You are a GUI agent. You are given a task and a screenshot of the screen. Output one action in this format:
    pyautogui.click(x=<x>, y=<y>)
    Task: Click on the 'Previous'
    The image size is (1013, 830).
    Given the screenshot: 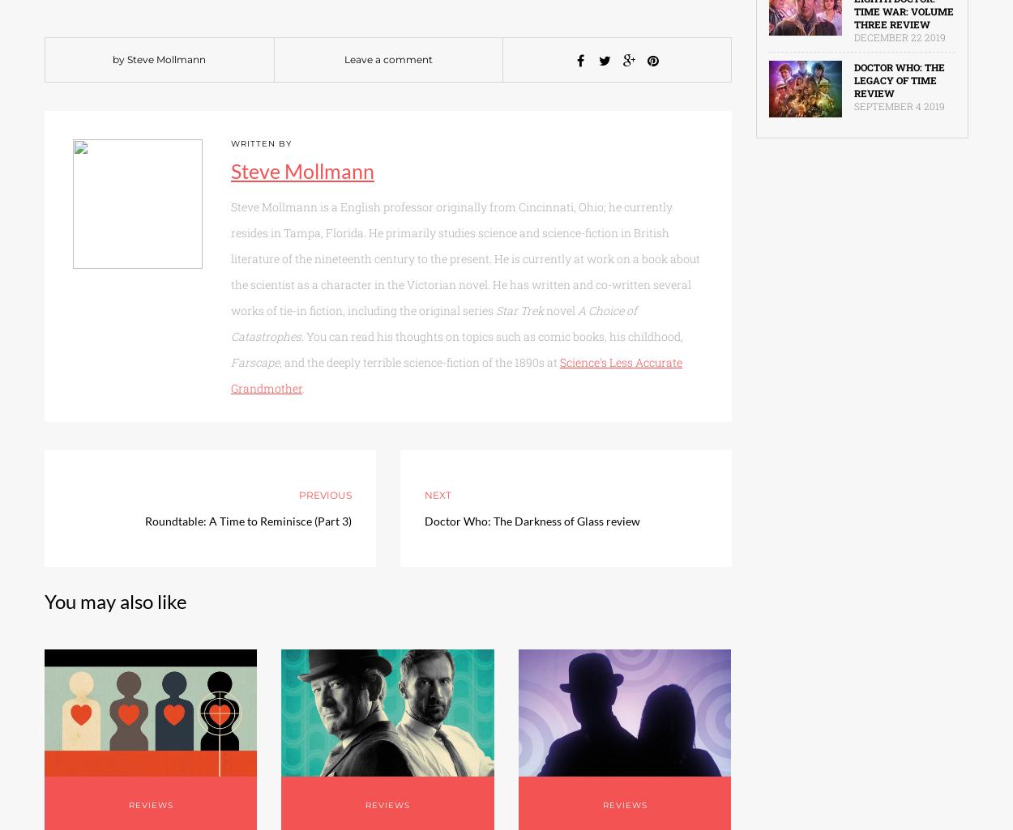 What is the action you would take?
    pyautogui.click(x=324, y=494)
    